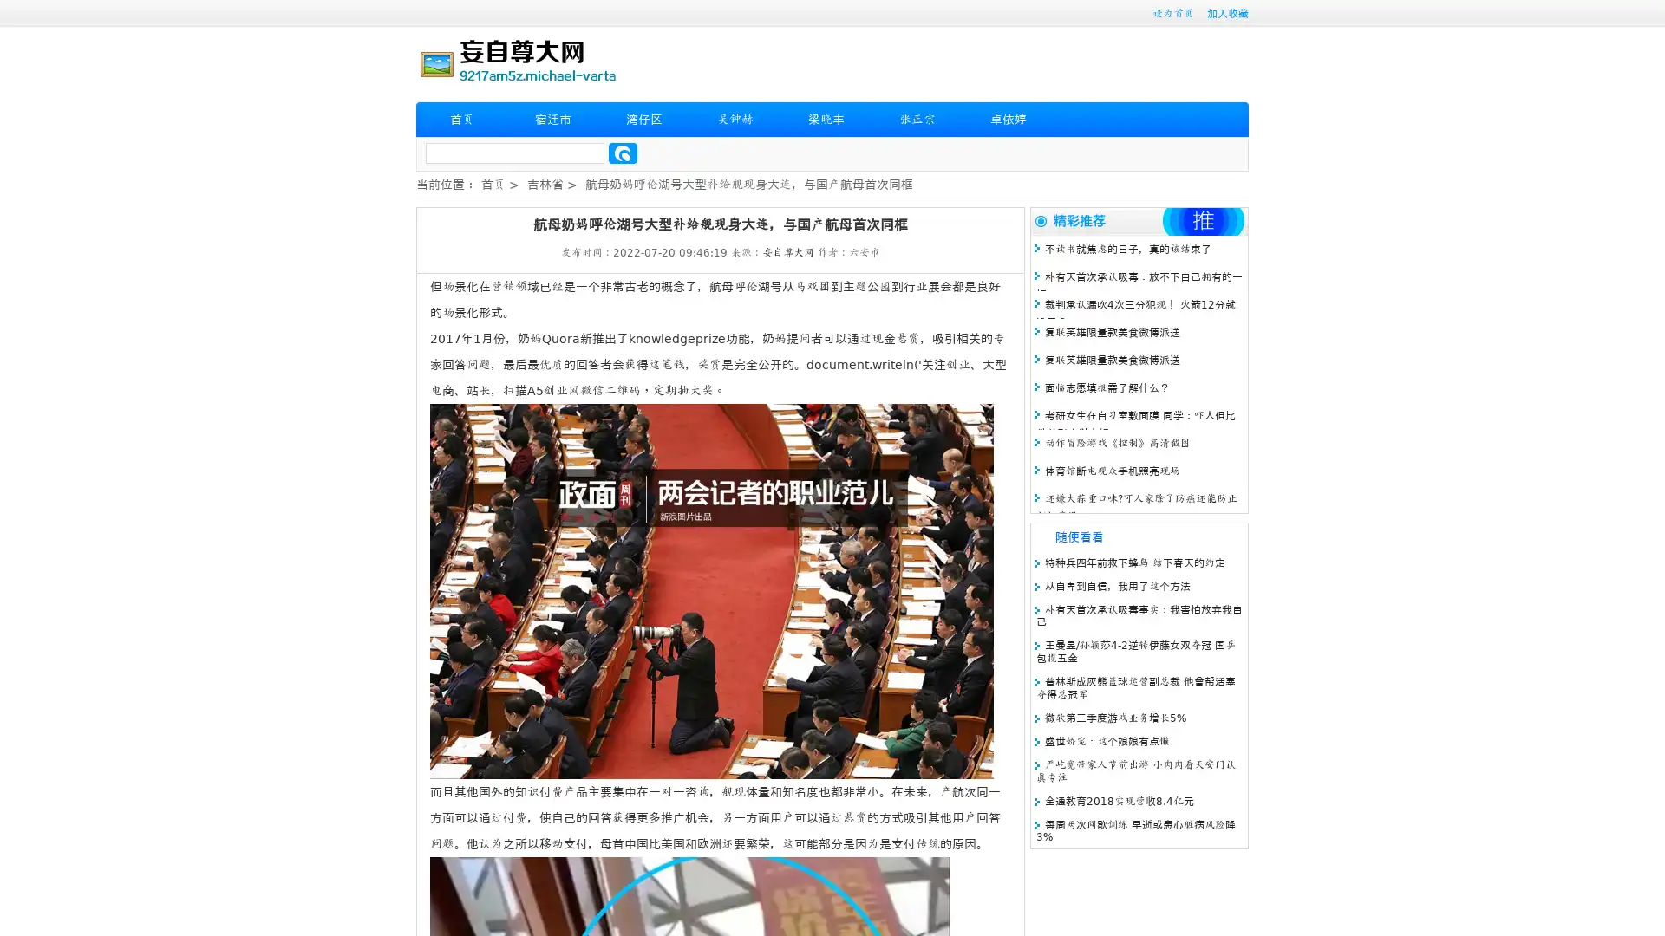 The width and height of the screenshot is (1665, 936). I want to click on Search, so click(623, 153).